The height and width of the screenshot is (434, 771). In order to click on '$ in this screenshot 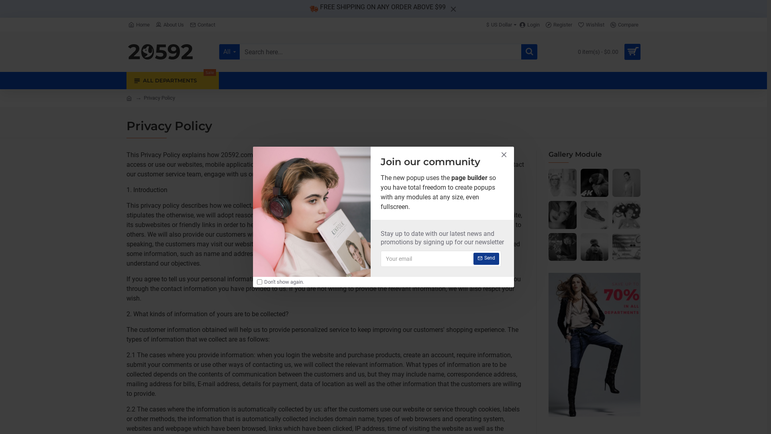, I will do `click(499, 24)`.